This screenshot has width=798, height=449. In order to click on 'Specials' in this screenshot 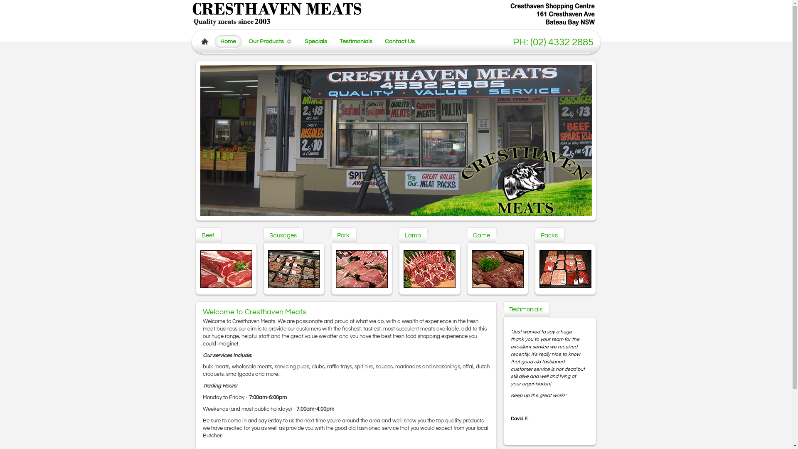, I will do `click(315, 41)`.